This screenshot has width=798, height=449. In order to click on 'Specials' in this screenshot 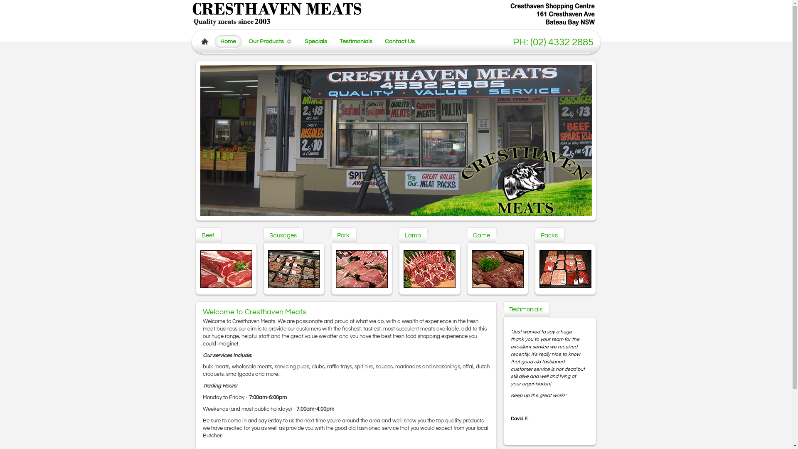, I will do `click(315, 41)`.